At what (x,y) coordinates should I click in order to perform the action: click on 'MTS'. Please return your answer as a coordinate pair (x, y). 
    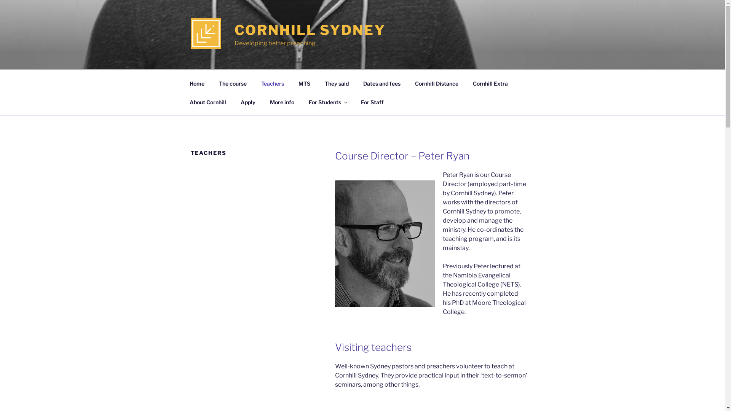
    Looking at the image, I should click on (303, 83).